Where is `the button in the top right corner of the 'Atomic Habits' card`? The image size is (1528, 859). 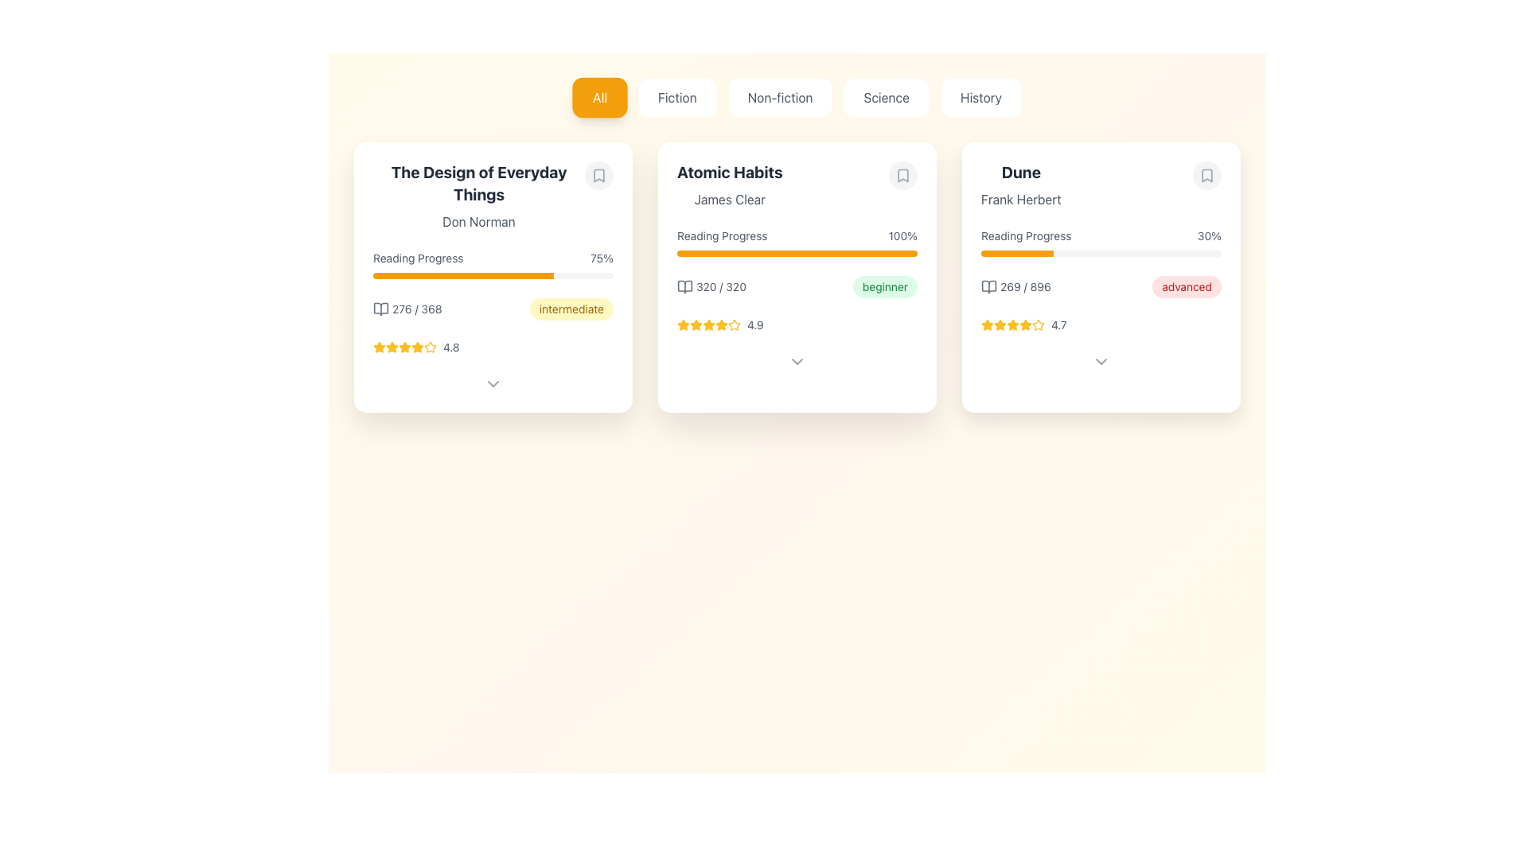
the button in the top right corner of the 'Atomic Habits' card is located at coordinates (902, 175).